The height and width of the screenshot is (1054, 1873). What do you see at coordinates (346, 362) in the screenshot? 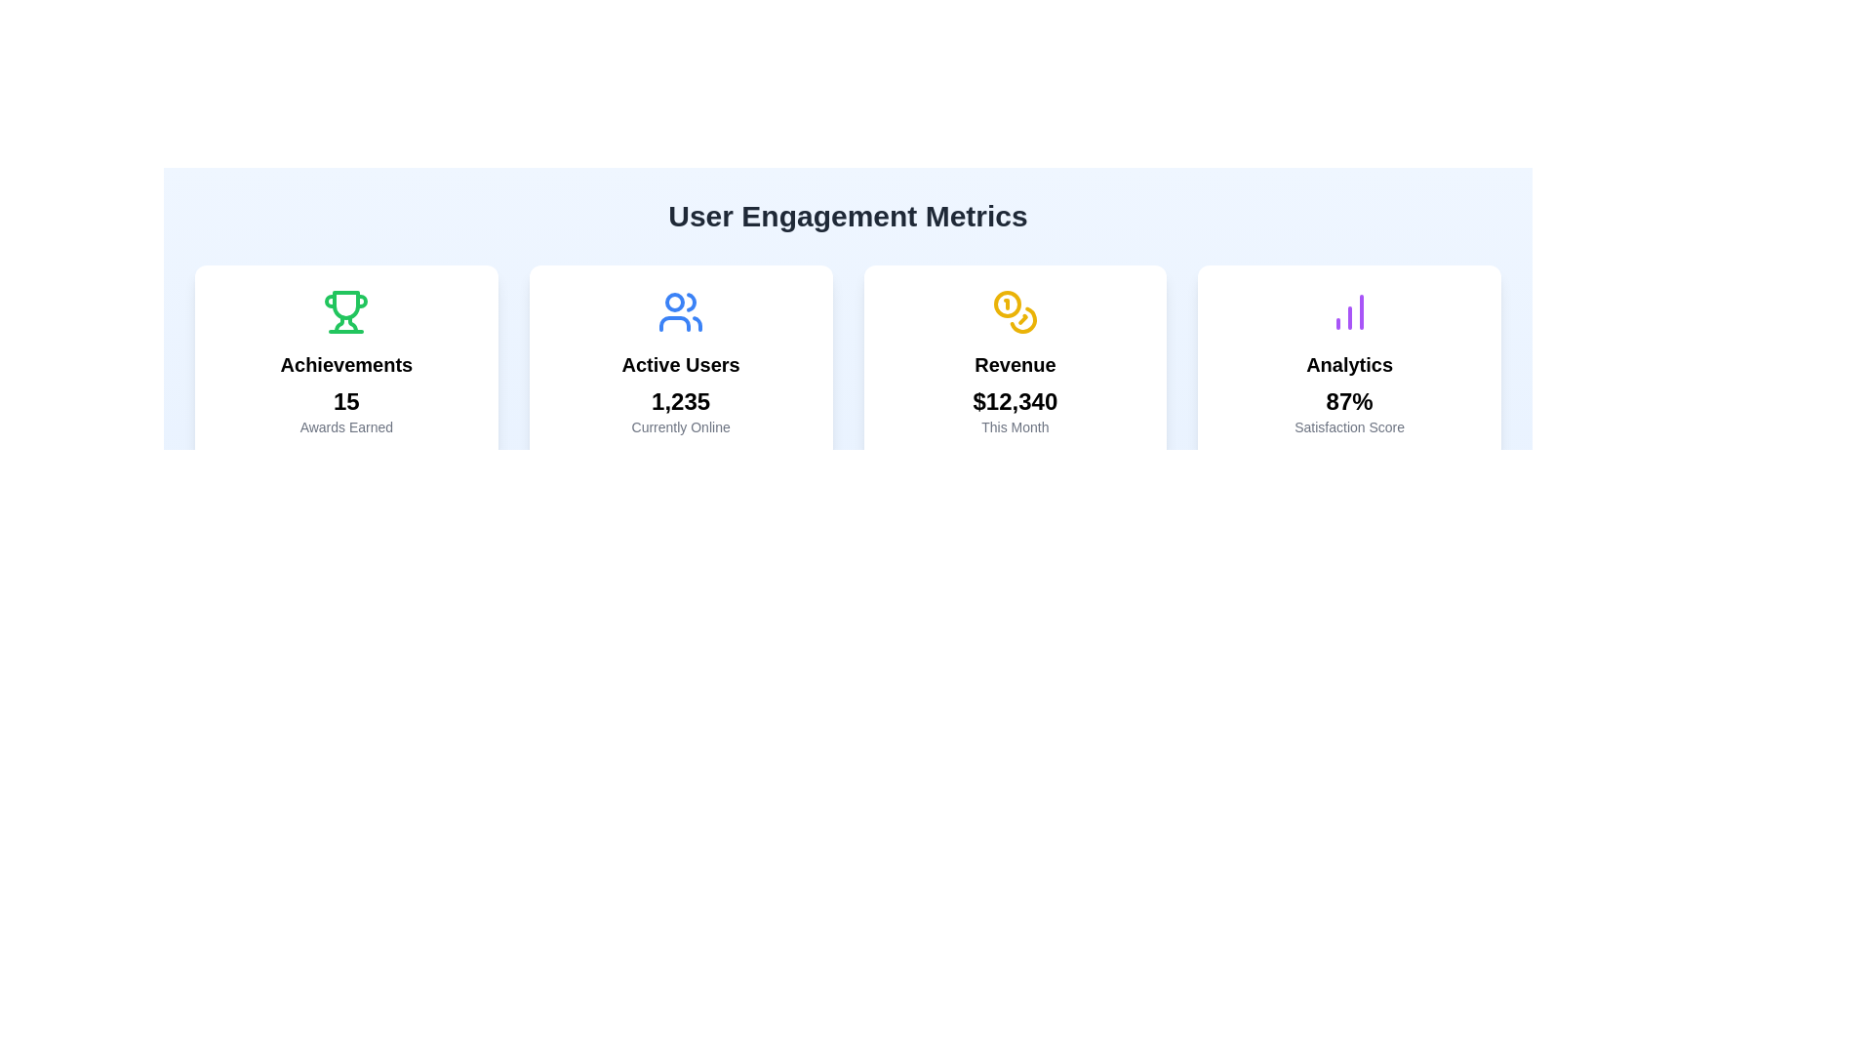
I see `the achievements card, which features a green trophy icon at the top, the bold text 'Achievements', a numeric value '15', and the description 'Awards Earned'` at bounding box center [346, 362].